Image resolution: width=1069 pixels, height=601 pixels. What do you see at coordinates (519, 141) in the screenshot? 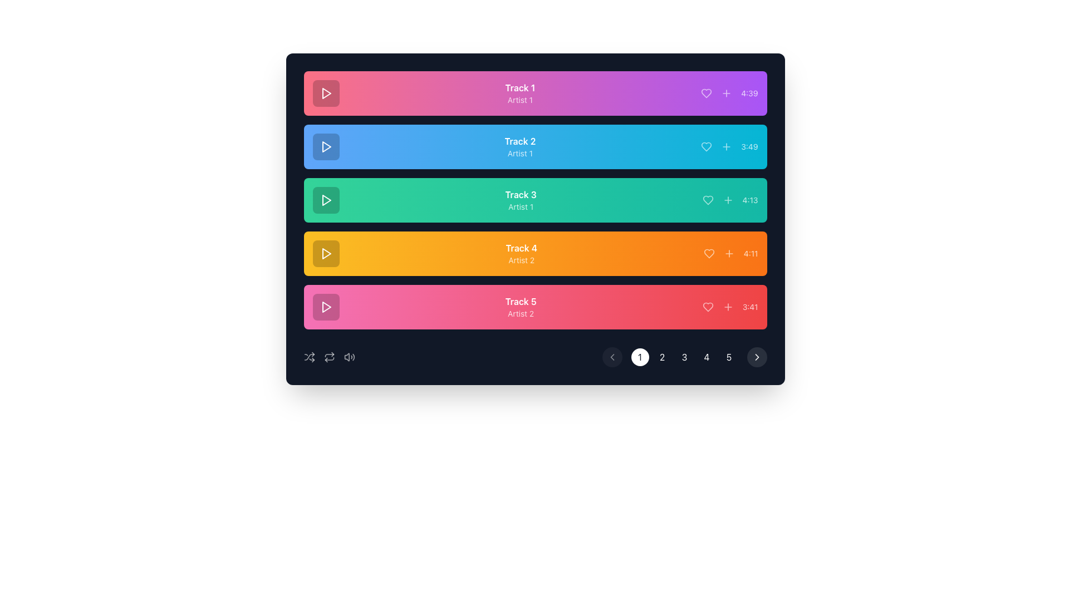
I see `the text label 'Track 2', which is displayed in bold white font on a gradient blue background, aligned to the left side of its horizontal bar` at bounding box center [519, 141].